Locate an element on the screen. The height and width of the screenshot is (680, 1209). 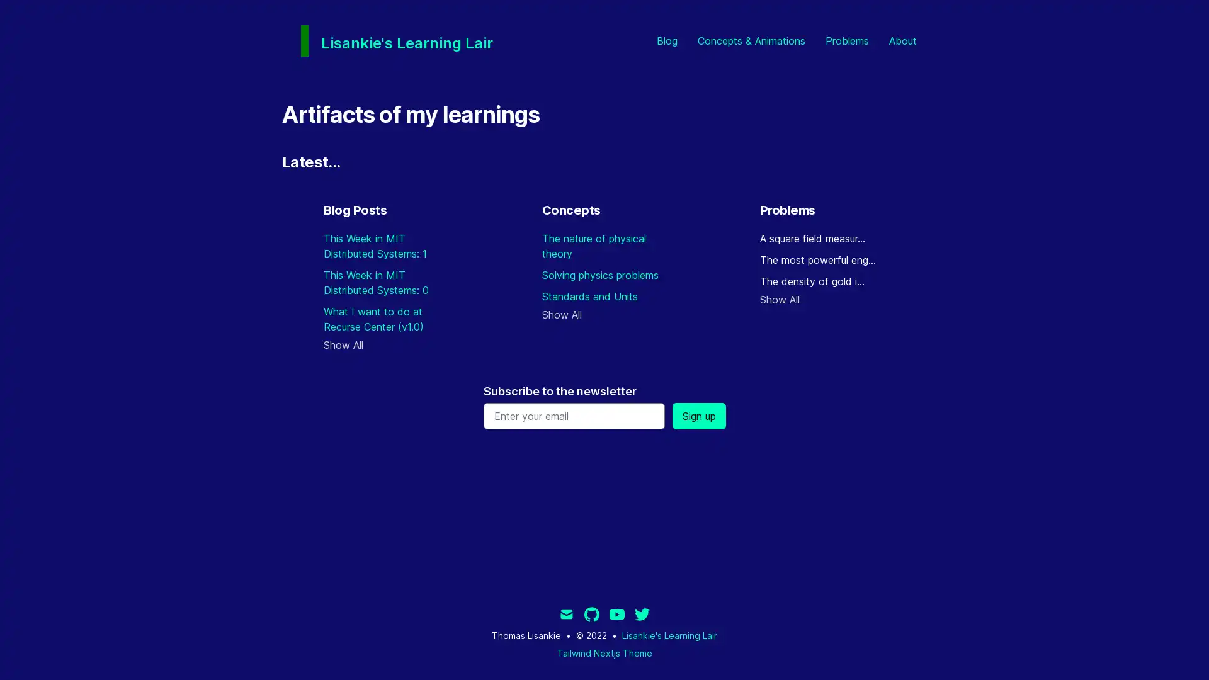
Sign up is located at coordinates (698, 416).